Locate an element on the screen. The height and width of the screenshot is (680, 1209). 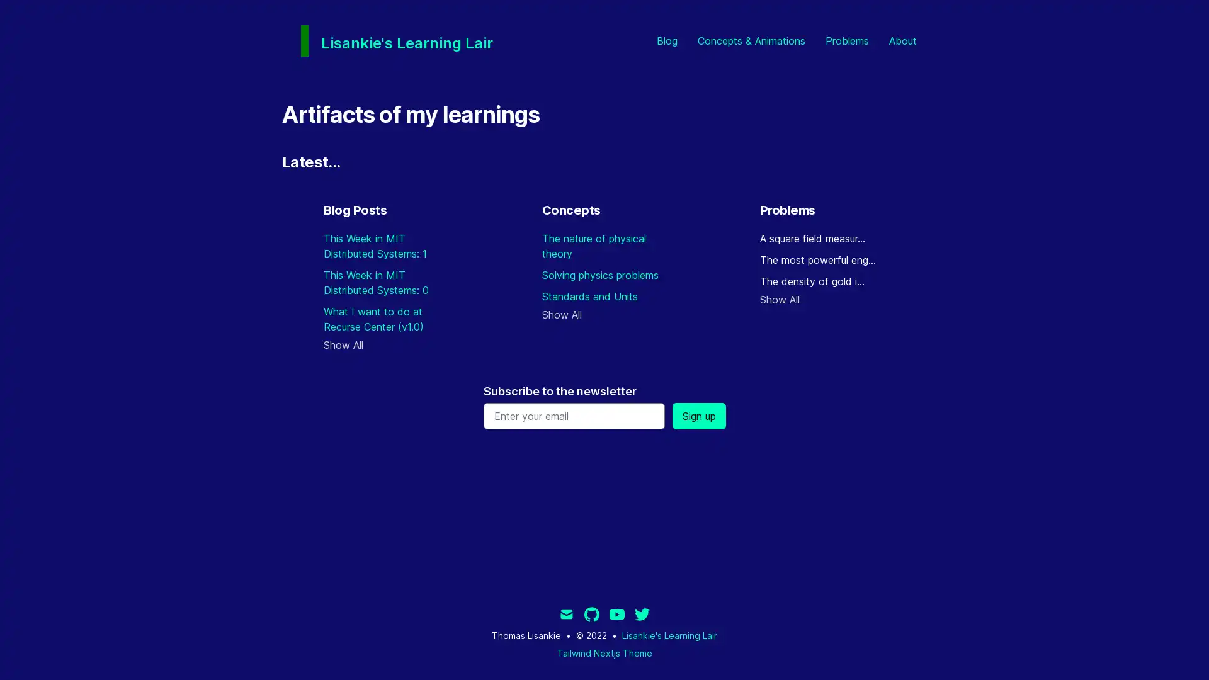
Sign up is located at coordinates (698, 416).